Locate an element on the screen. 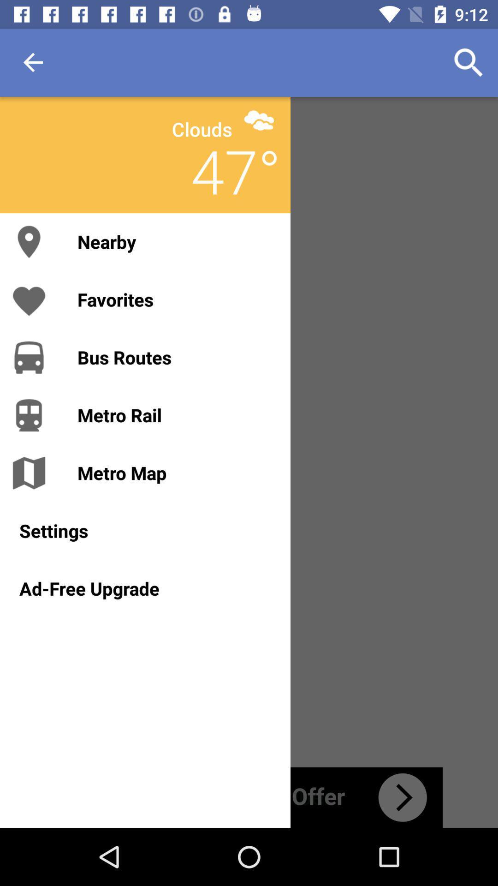 The width and height of the screenshot is (498, 886). the settings icon is located at coordinates (145, 531).